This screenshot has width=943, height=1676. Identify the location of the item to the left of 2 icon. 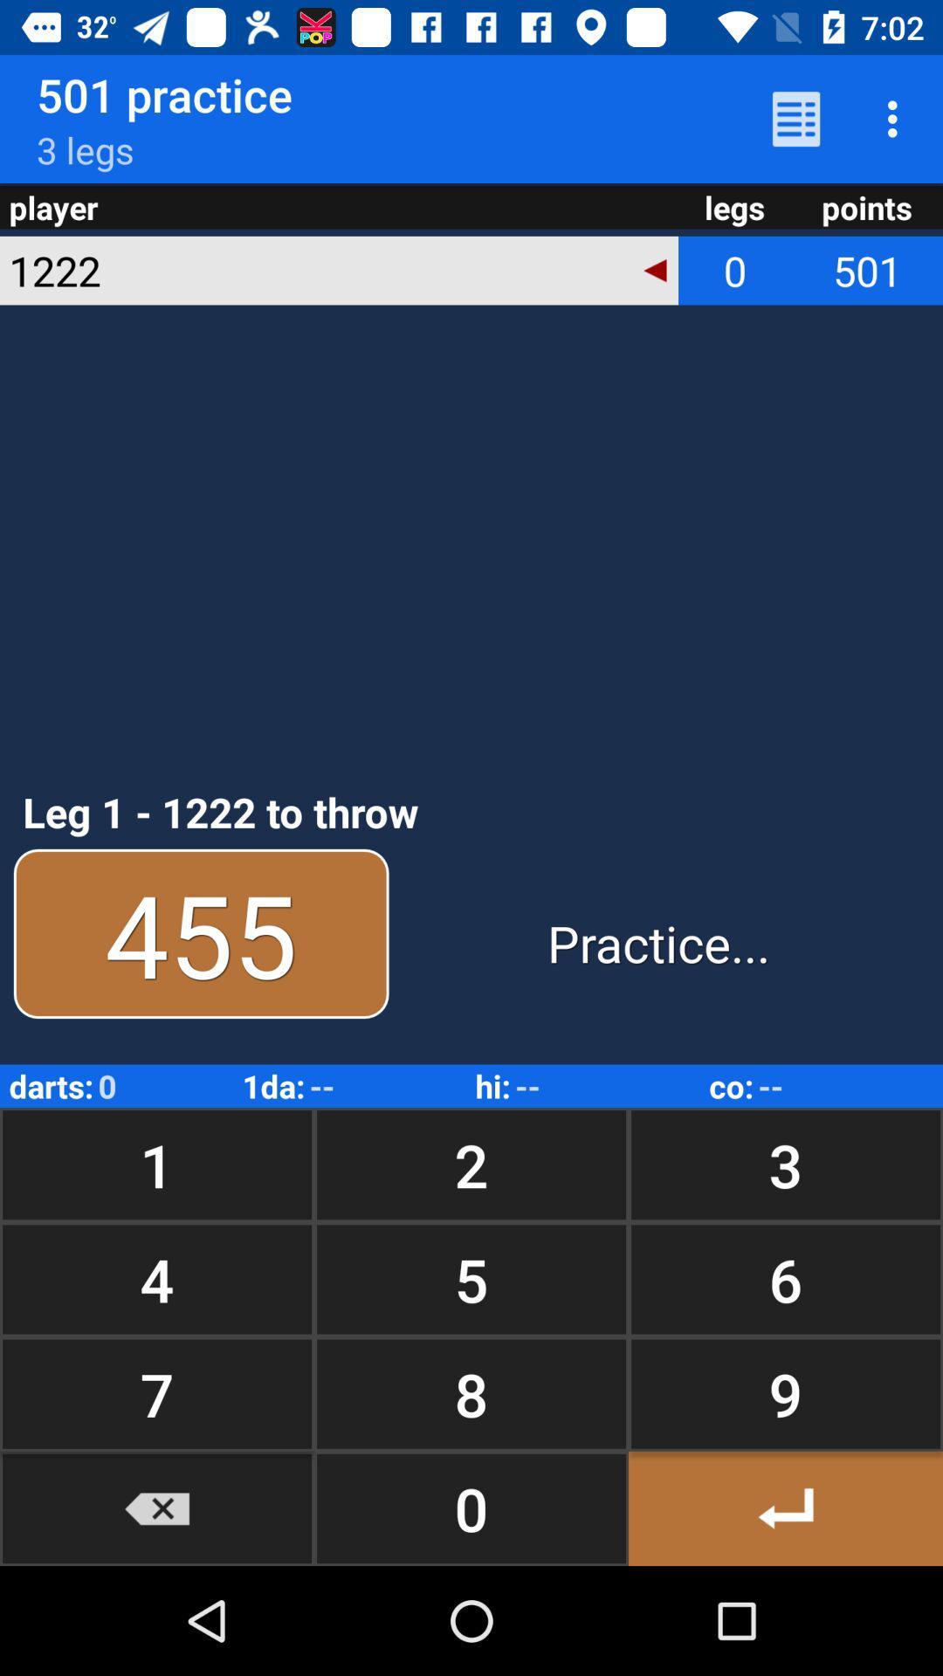
(157, 1279).